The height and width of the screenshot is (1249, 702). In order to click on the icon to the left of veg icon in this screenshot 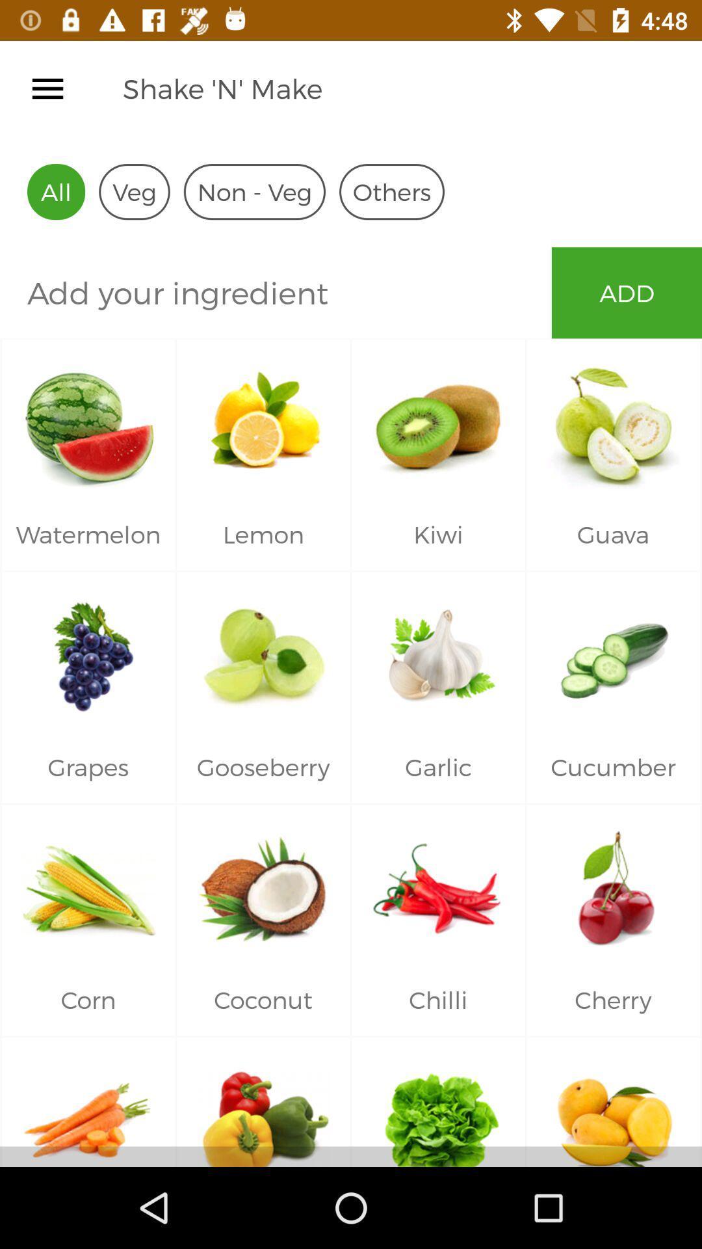, I will do `click(55, 191)`.